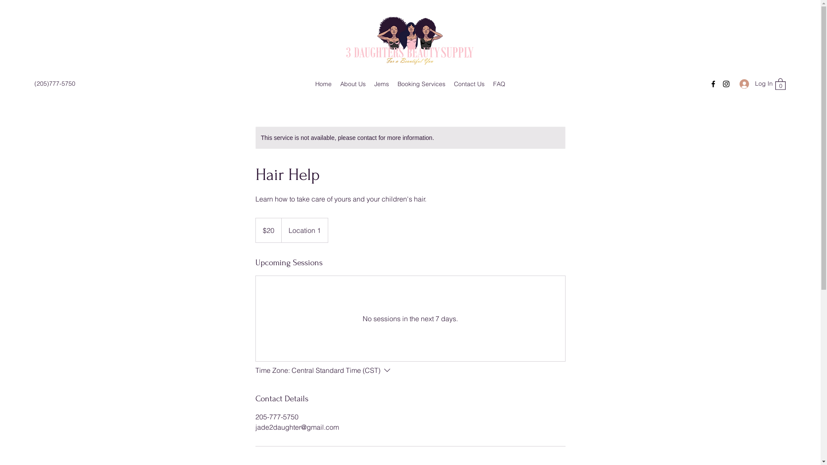  I want to click on 'Jems', so click(381, 84).